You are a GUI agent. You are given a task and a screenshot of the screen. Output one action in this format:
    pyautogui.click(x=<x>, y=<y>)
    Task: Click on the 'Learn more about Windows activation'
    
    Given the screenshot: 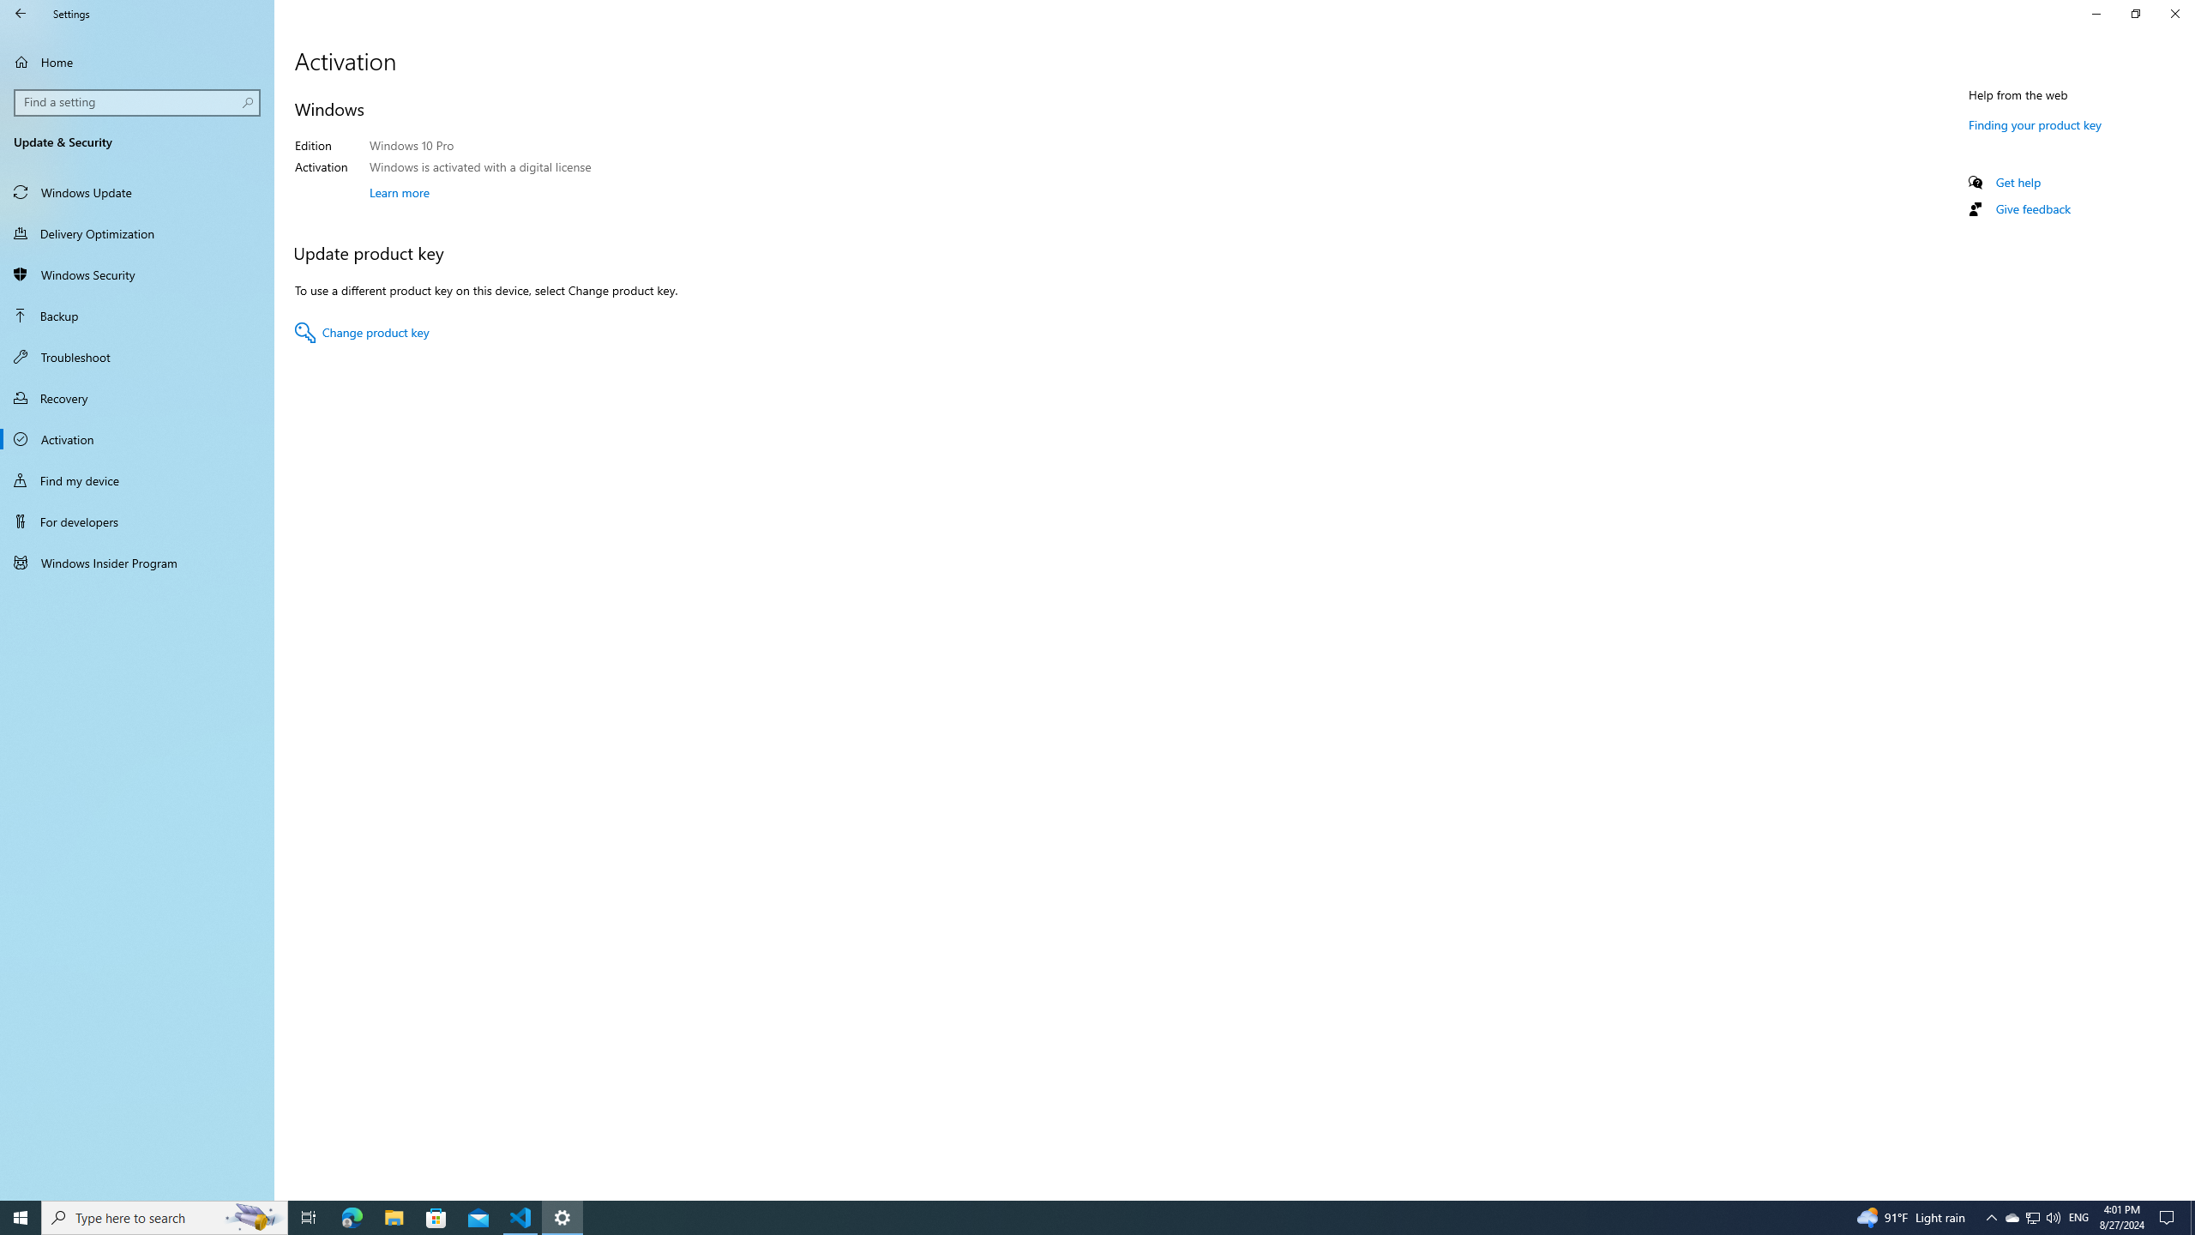 What is the action you would take?
    pyautogui.click(x=398, y=190)
    